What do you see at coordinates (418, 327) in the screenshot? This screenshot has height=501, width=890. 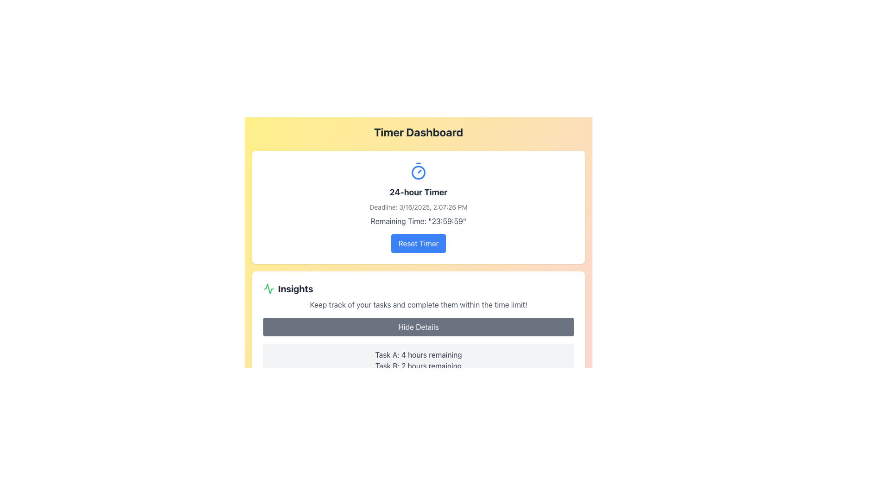 I see `the toggle button located in the 'Insights' section, which is positioned centrally below the subtitle and above the task list, to hide the displayed details` at bounding box center [418, 327].